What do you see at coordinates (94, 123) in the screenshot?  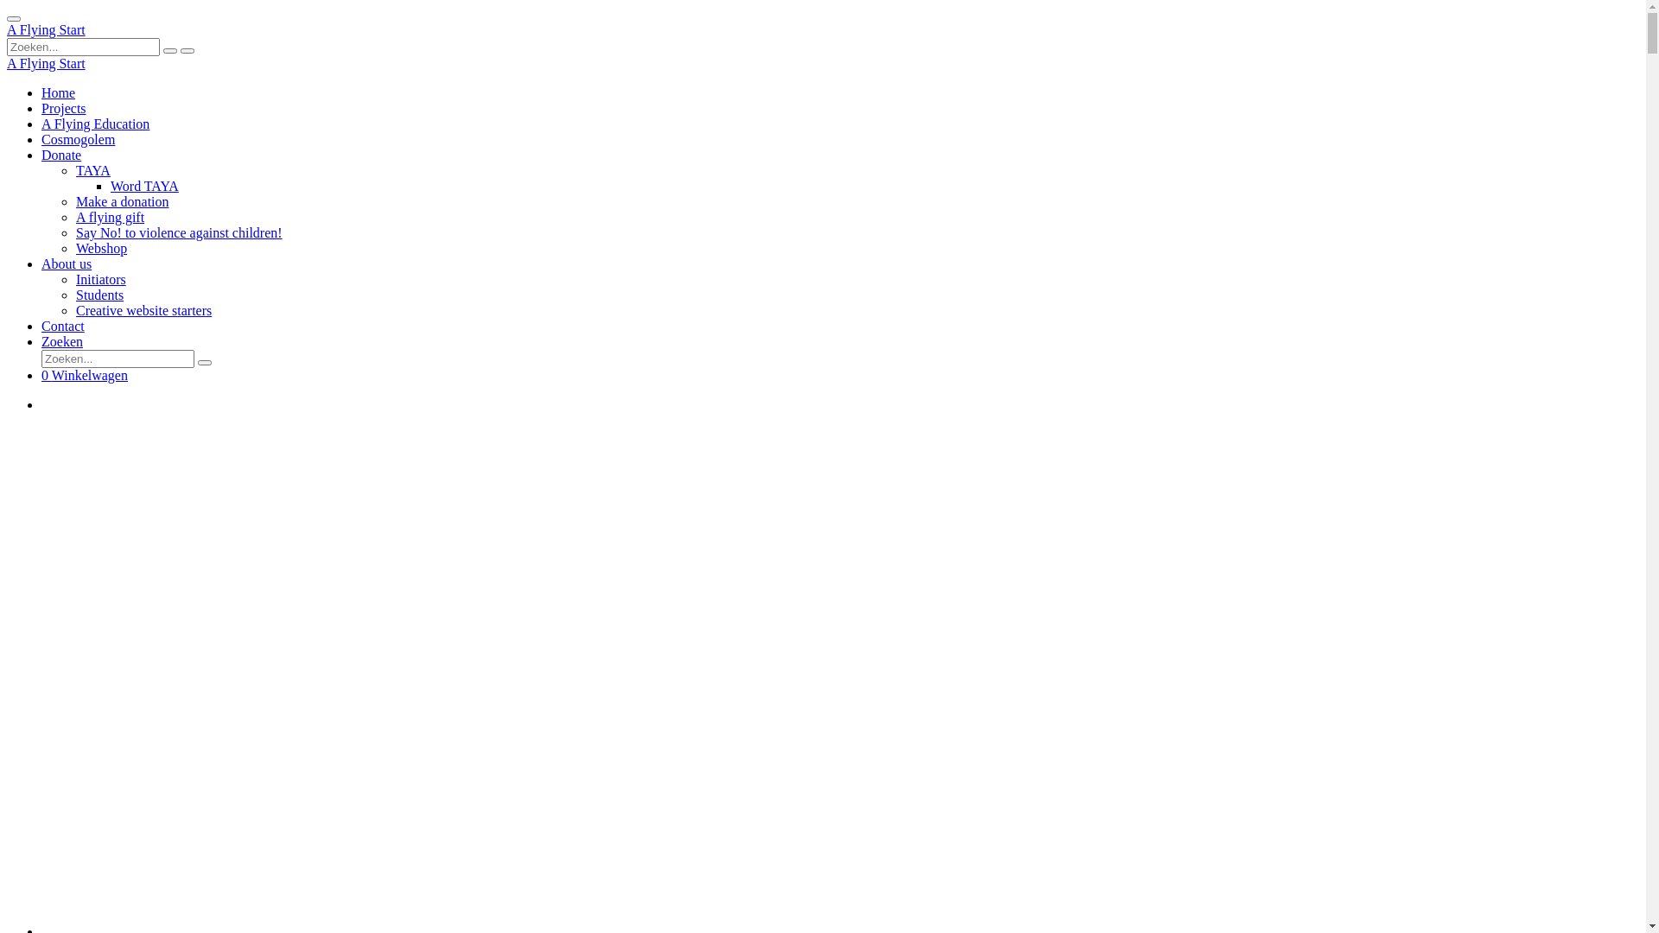 I see `'A Flying Education'` at bounding box center [94, 123].